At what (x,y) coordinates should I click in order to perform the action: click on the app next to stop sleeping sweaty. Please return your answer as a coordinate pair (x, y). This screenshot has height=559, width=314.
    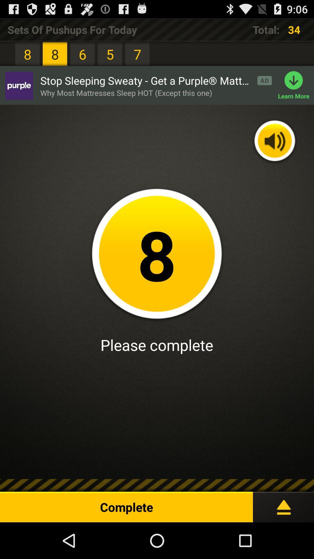
    Looking at the image, I should click on (296, 85).